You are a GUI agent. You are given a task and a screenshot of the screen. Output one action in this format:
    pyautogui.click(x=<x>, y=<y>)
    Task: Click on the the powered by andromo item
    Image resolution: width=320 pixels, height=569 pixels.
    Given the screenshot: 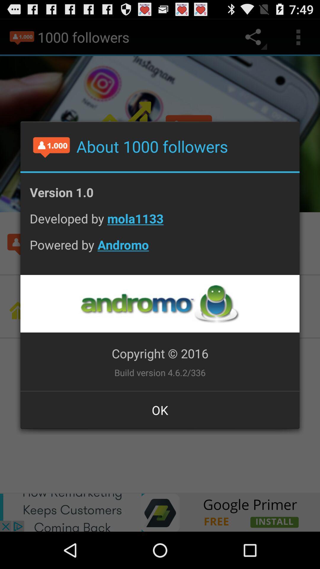 What is the action you would take?
    pyautogui.click(x=160, y=249)
    